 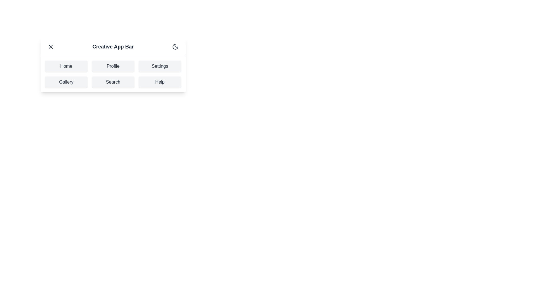 I want to click on the navigation item labeled Home, so click(x=66, y=66).